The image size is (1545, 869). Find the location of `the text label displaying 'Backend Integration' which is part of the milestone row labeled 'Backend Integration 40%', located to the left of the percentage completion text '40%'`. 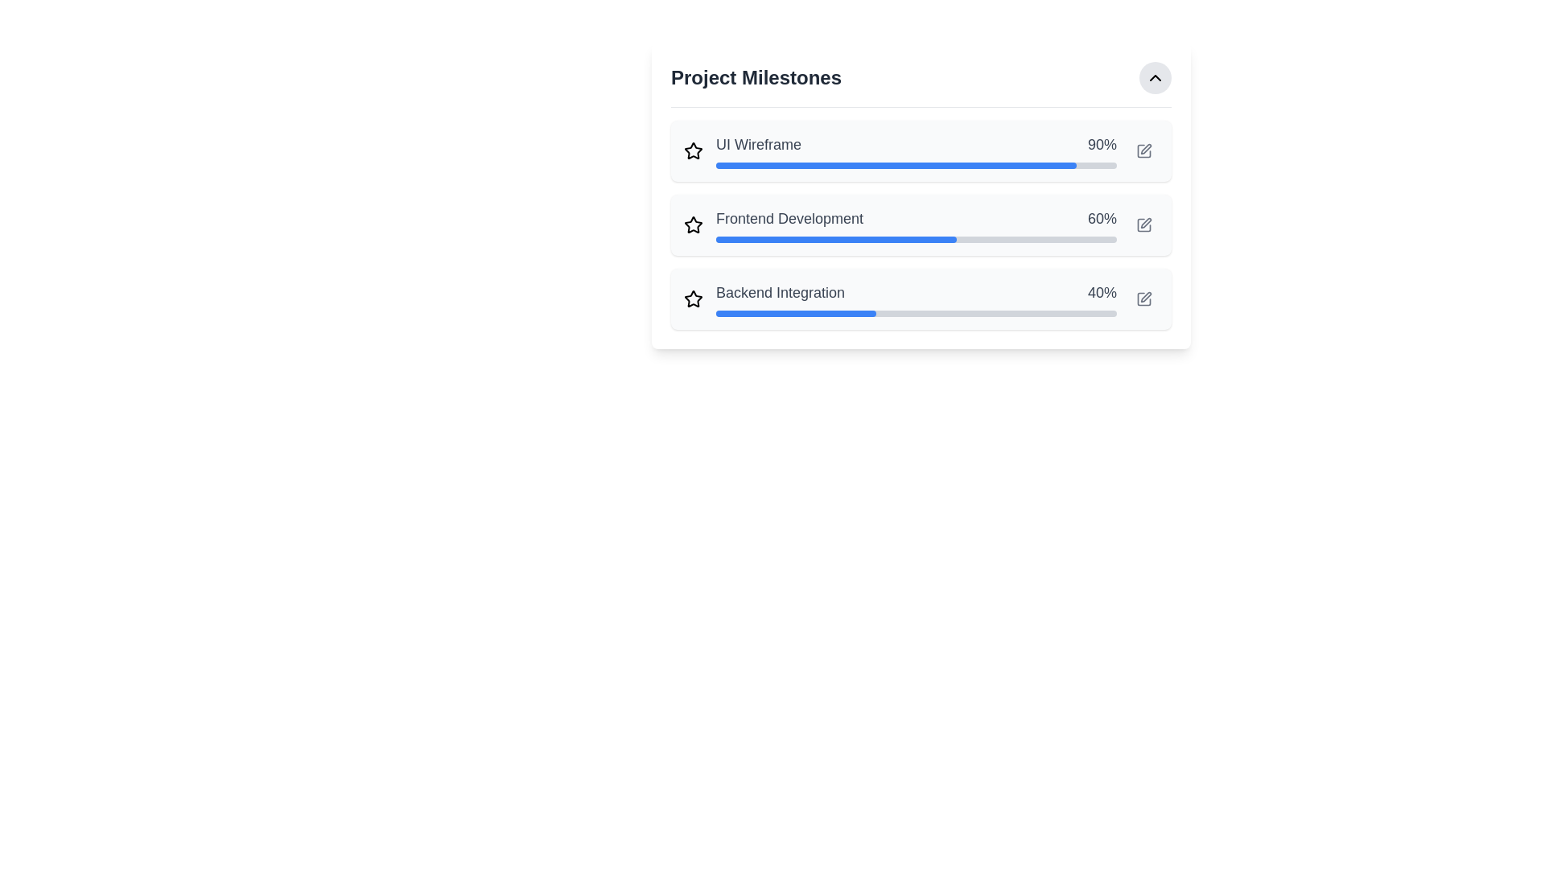

the text label displaying 'Backend Integration' which is part of the milestone row labeled 'Backend Integration 40%', located to the left of the percentage completion text '40%' is located at coordinates (780, 292).